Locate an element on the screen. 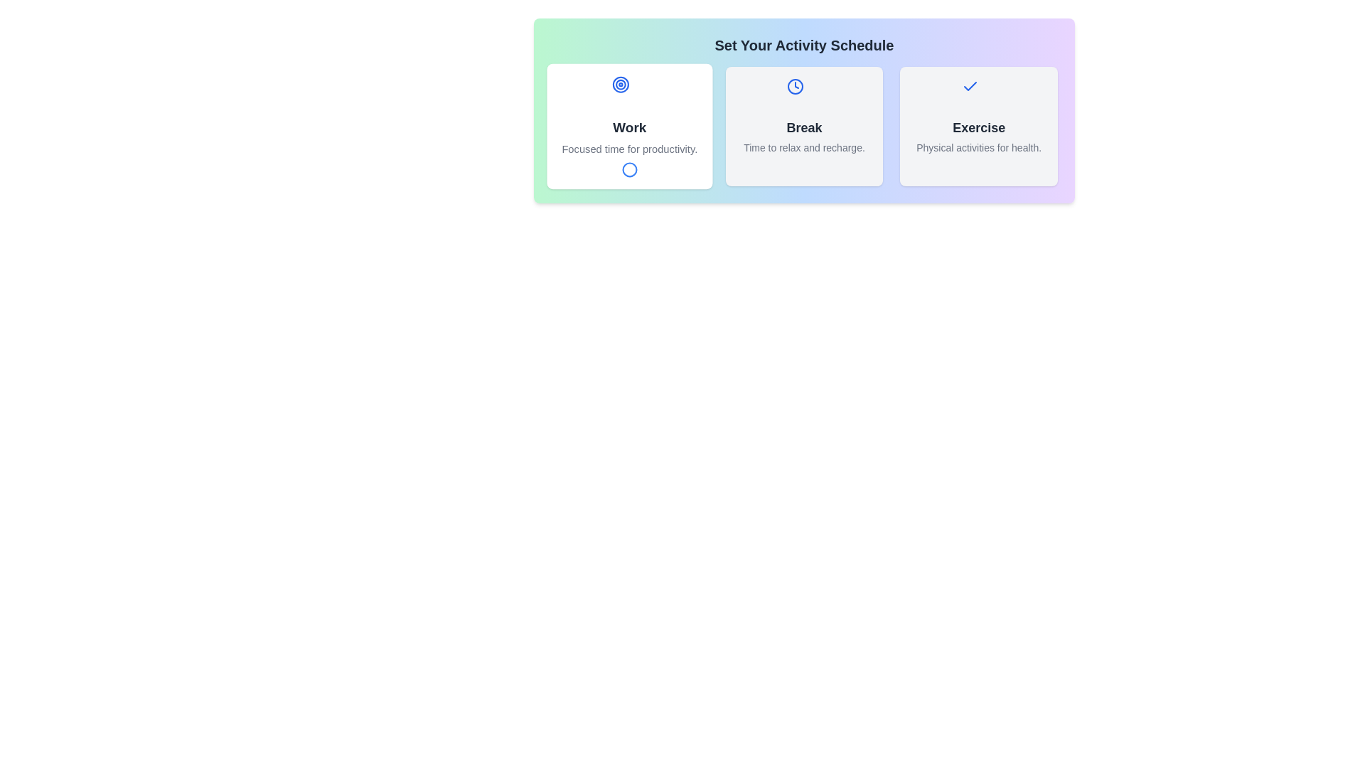 The height and width of the screenshot is (768, 1365). the SVG circle element that represents the outer boundary of the clock icon, centrally positioned within the 'Break' category card is located at coordinates (795, 87).